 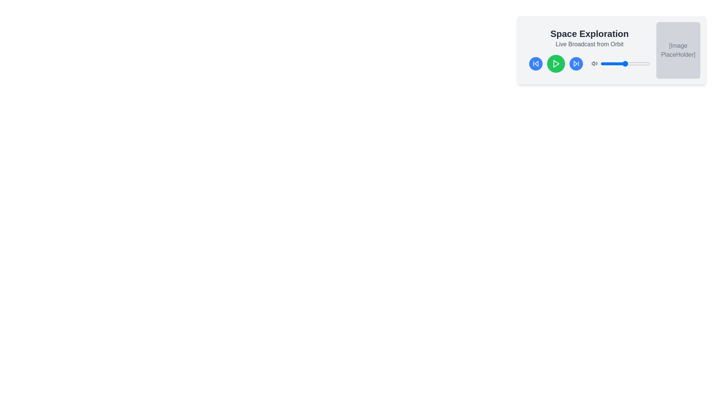 What do you see at coordinates (644, 63) in the screenshot?
I see `the slider value` at bounding box center [644, 63].